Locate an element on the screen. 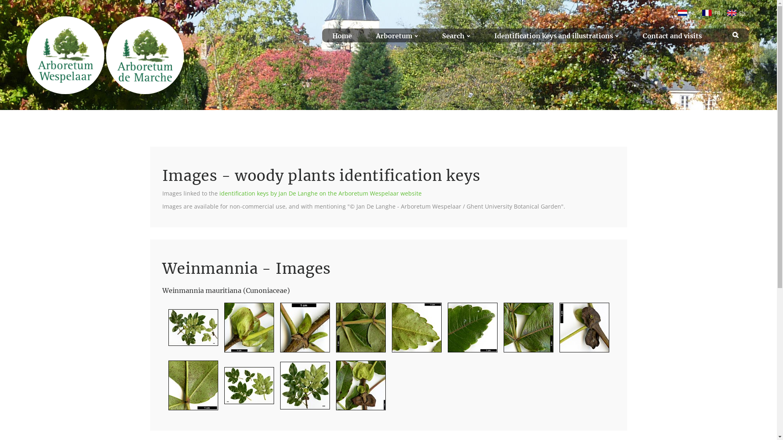 This screenshot has width=783, height=440. 'EN' is located at coordinates (727, 13).